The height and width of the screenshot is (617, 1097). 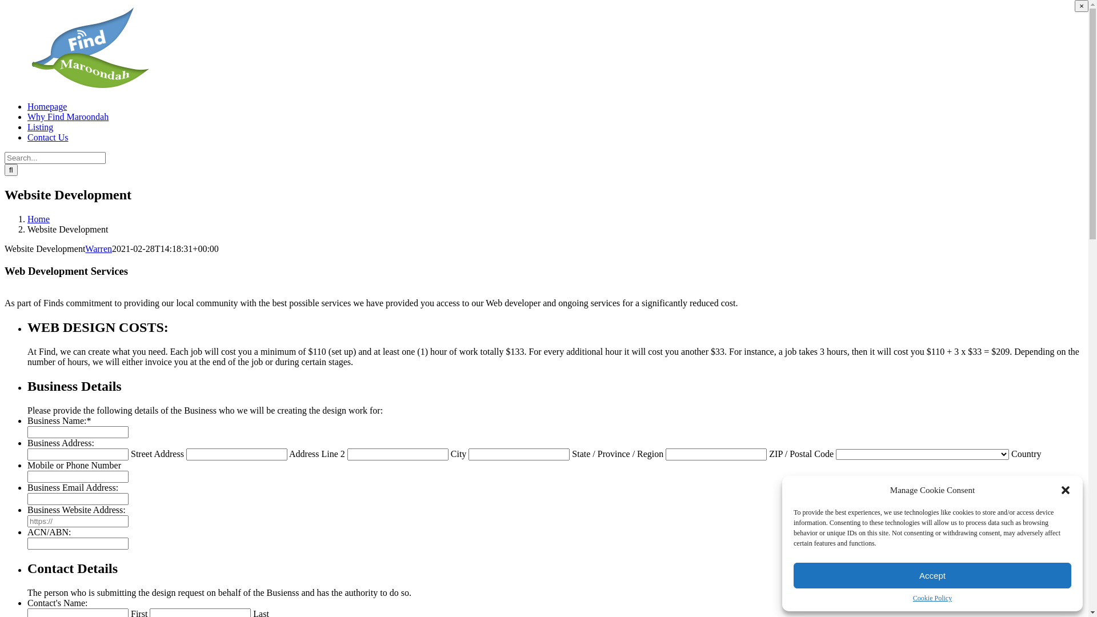 What do you see at coordinates (932, 575) in the screenshot?
I see `'Accept'` at bounding box center [932, 575].